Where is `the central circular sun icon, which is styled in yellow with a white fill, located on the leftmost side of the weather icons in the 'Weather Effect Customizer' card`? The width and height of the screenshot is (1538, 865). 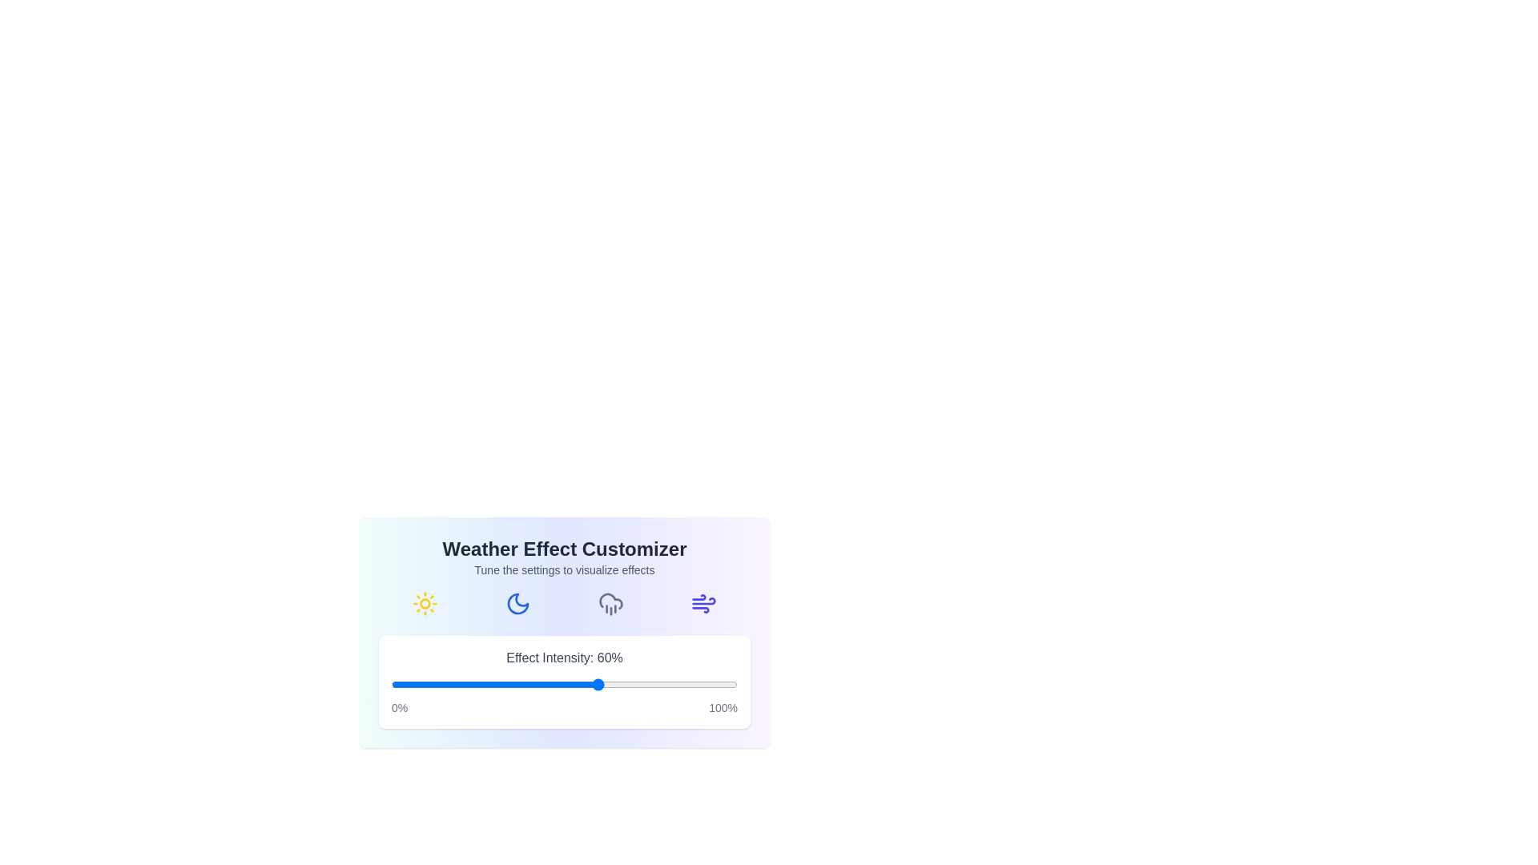 the central circular sun icon, which is styled in yellow with a white fill, located on the leftmost side of the weather icons in the 'Weather Effect Customizer' card is located at coordinates (425, 603).